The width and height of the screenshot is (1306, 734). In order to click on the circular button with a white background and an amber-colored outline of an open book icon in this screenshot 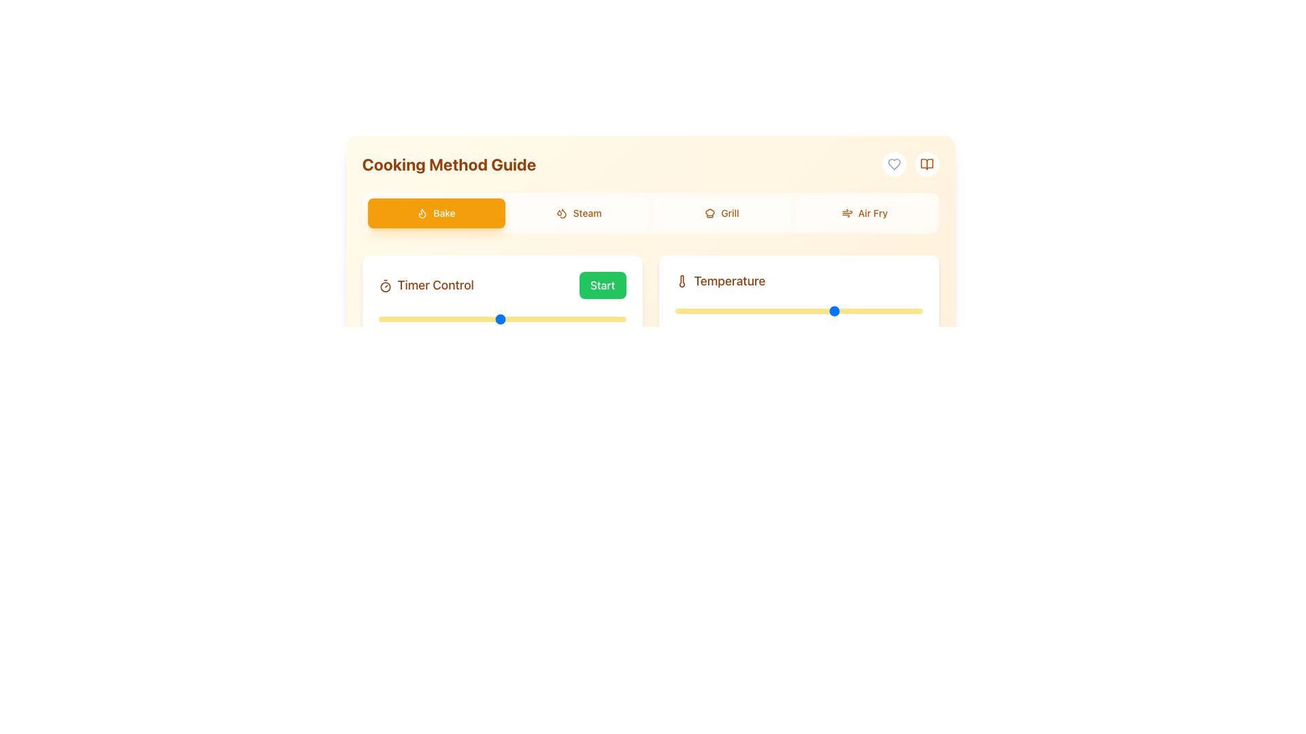, I will do `click(926, 164)`.